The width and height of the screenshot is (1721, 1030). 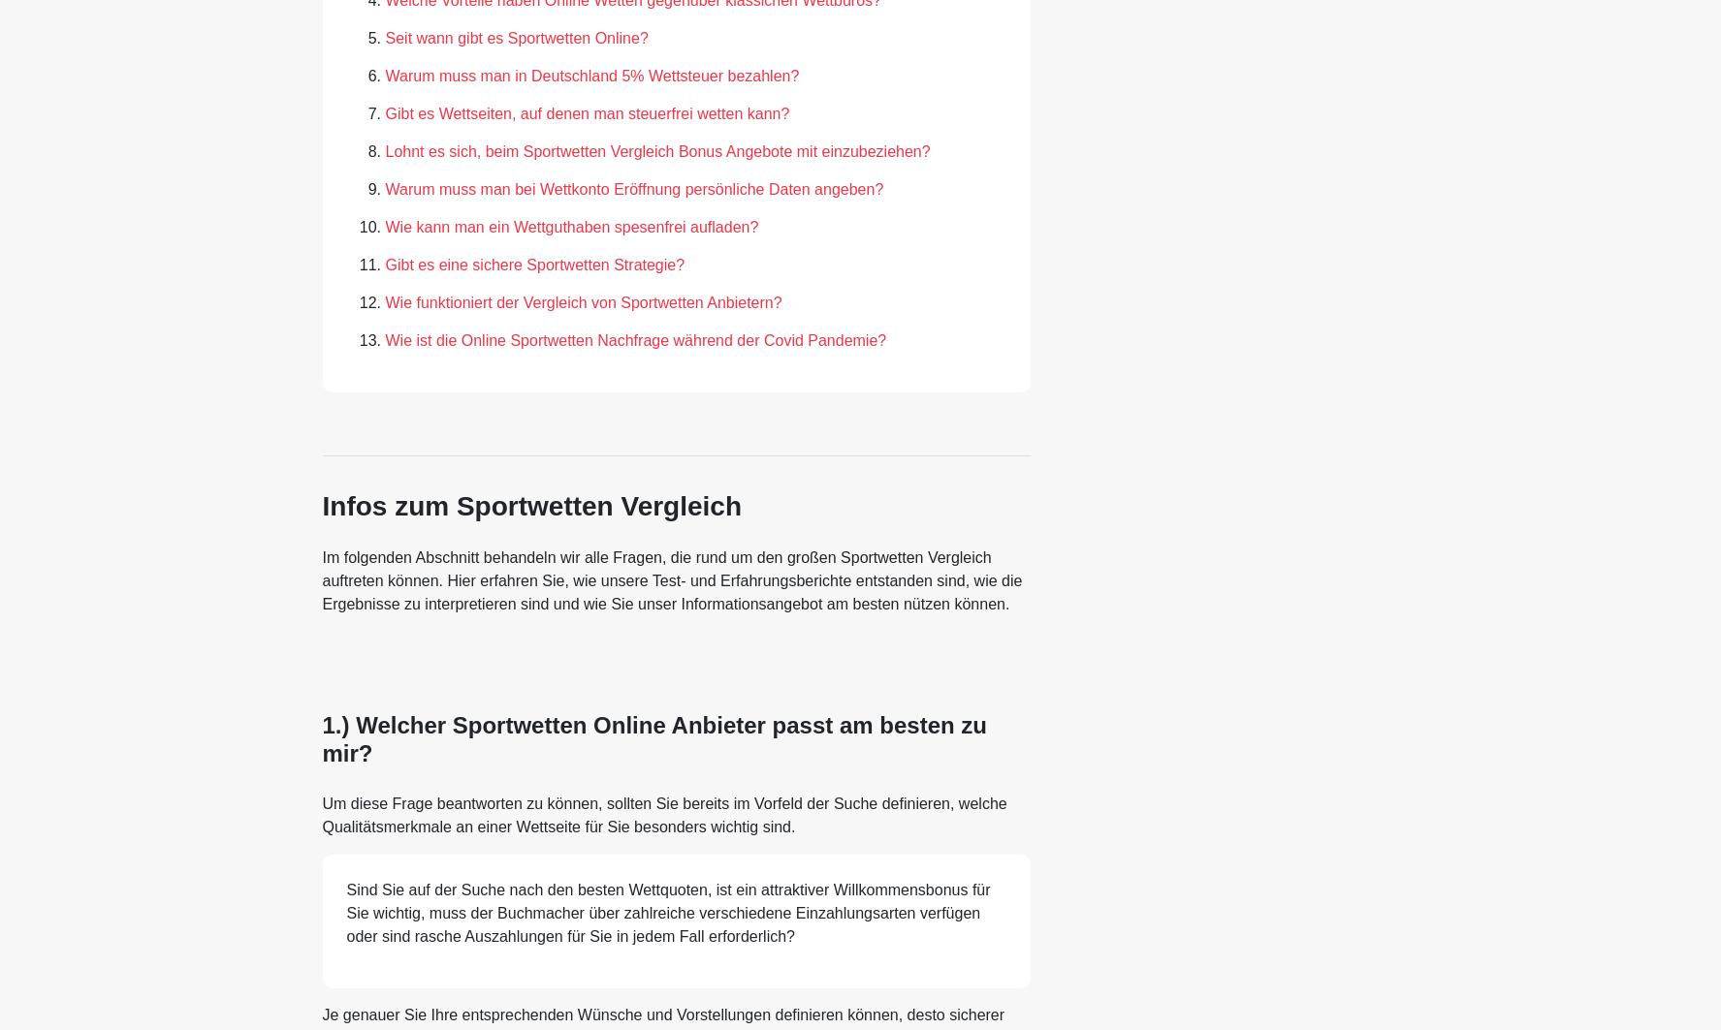 I want to click on '1.) Welcher Sportwetten Online Anbieter passt am besten zu mir?', so click(x=653, y=738).